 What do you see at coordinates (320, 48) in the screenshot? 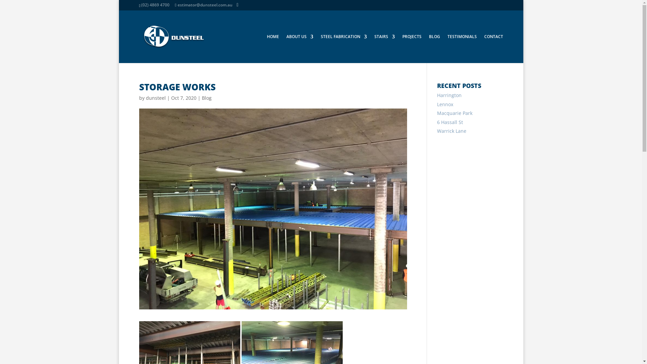
I see `'STEEL FABRICATION'` at bounding box center [320, 48].